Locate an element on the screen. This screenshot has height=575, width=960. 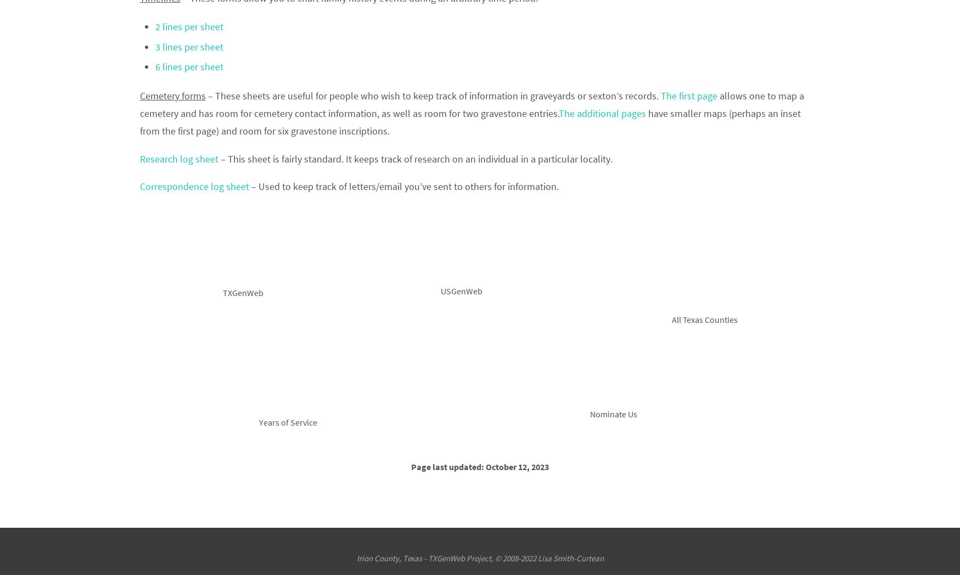
'The additional pages' is located at coordinates (601, 112).